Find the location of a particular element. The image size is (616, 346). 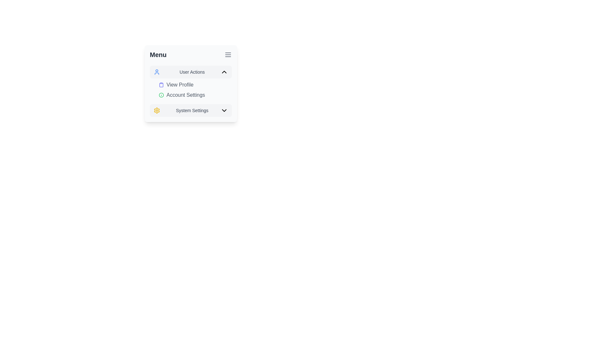

the chevron icon button located at the far-right of the 'User Actions' section is located at coordinates (224, 72).